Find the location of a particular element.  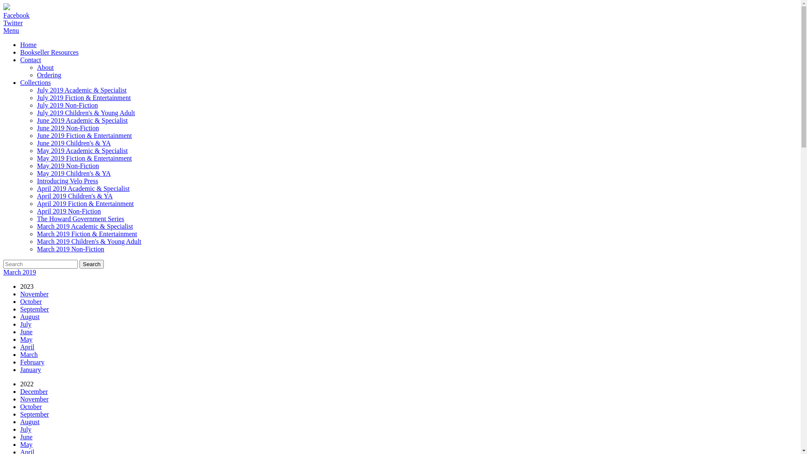

'July 2019 Academic & Specialist' is located at coordinates (36, 90).